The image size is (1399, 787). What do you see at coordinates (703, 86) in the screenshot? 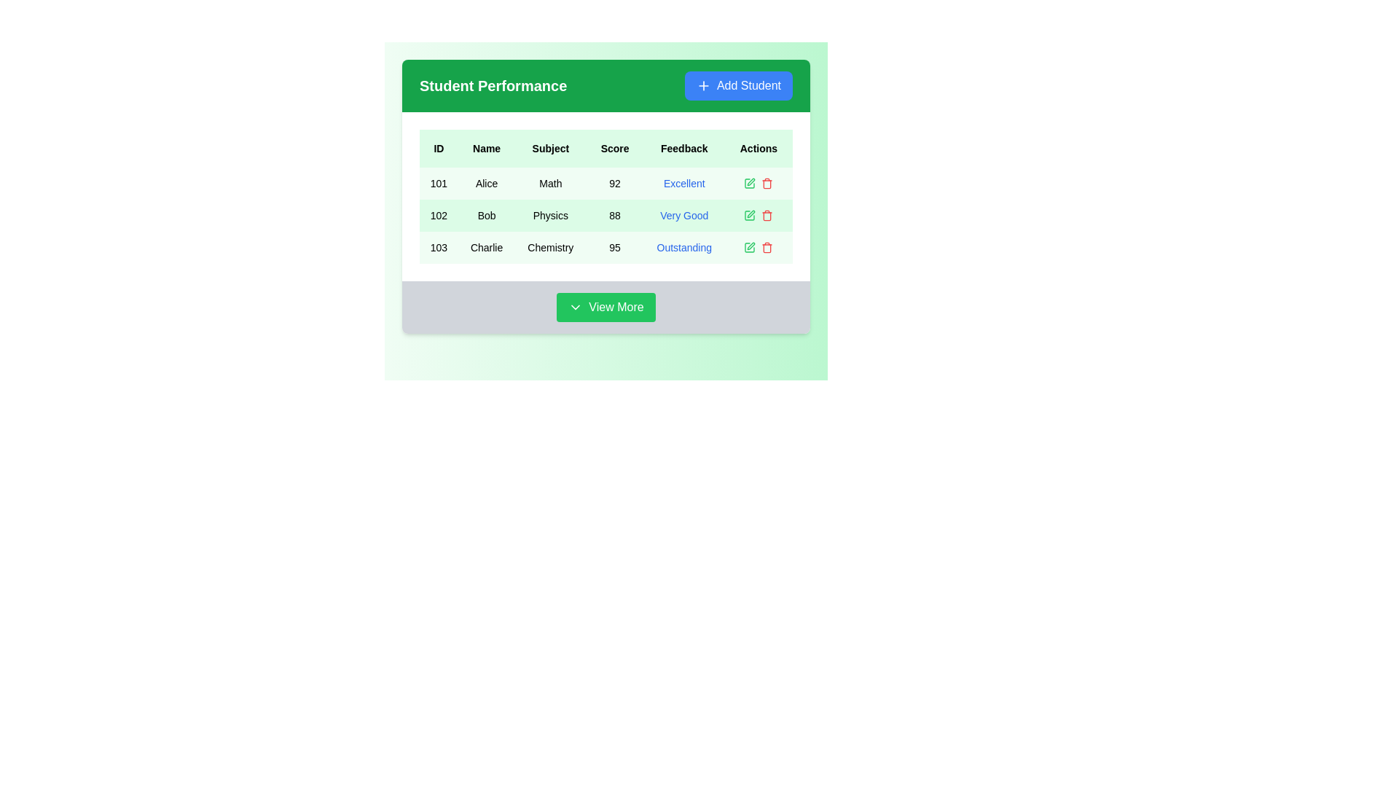
I see `the '+' icon inside the blue 'Add Student' button located at the top-right corner of the 'Student Performance' section` at bounding box center [703, 86].